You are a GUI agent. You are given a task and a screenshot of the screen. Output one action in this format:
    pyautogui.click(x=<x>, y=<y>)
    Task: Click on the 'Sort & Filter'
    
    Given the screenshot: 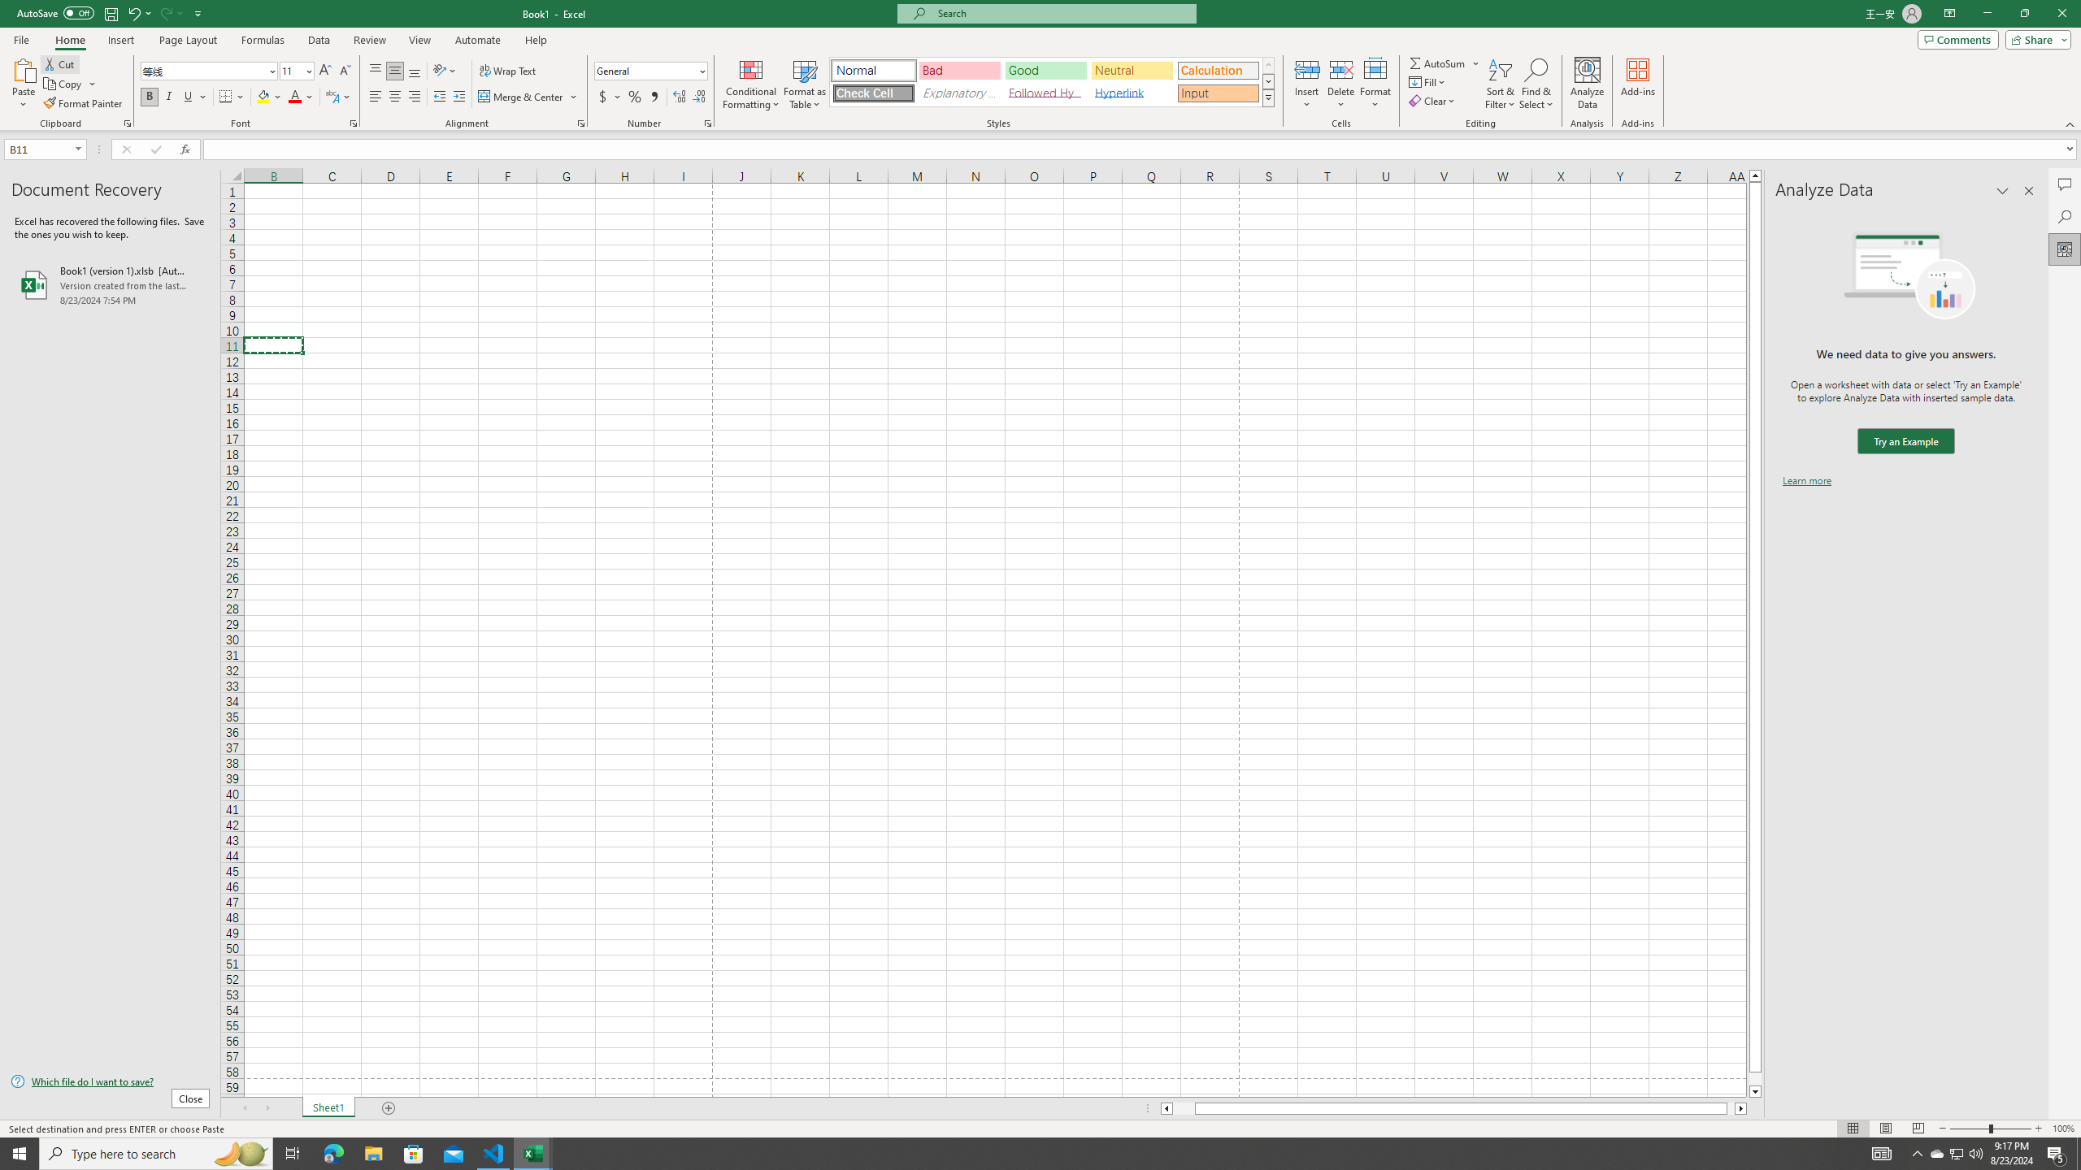 What is the action you would take?
    pyautogui.click(x=1499, y=84)
    